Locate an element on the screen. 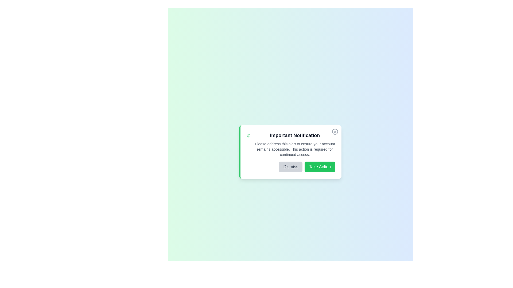  the 'Take Action' button to proceed is located at coordinates (320, 166).